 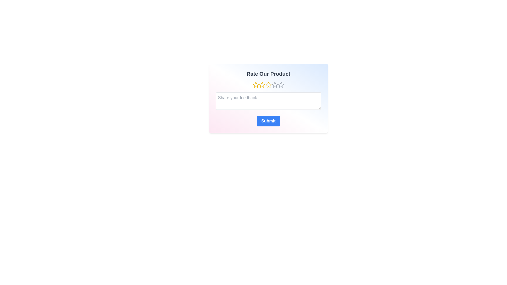 What do you see at coordinates (268, 121) in the screenshot?
I see `Submit button to submit the rating and feedback` at bounding box center [268, 121].